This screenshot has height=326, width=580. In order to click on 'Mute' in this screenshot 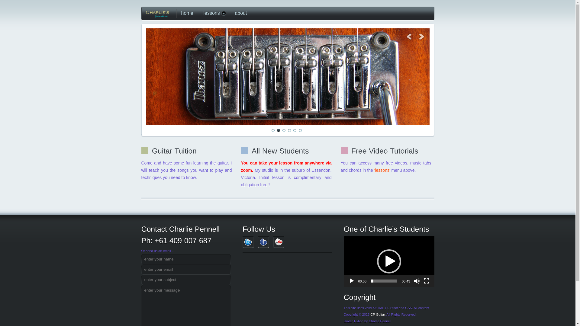, I will do `click(417, 281)`.